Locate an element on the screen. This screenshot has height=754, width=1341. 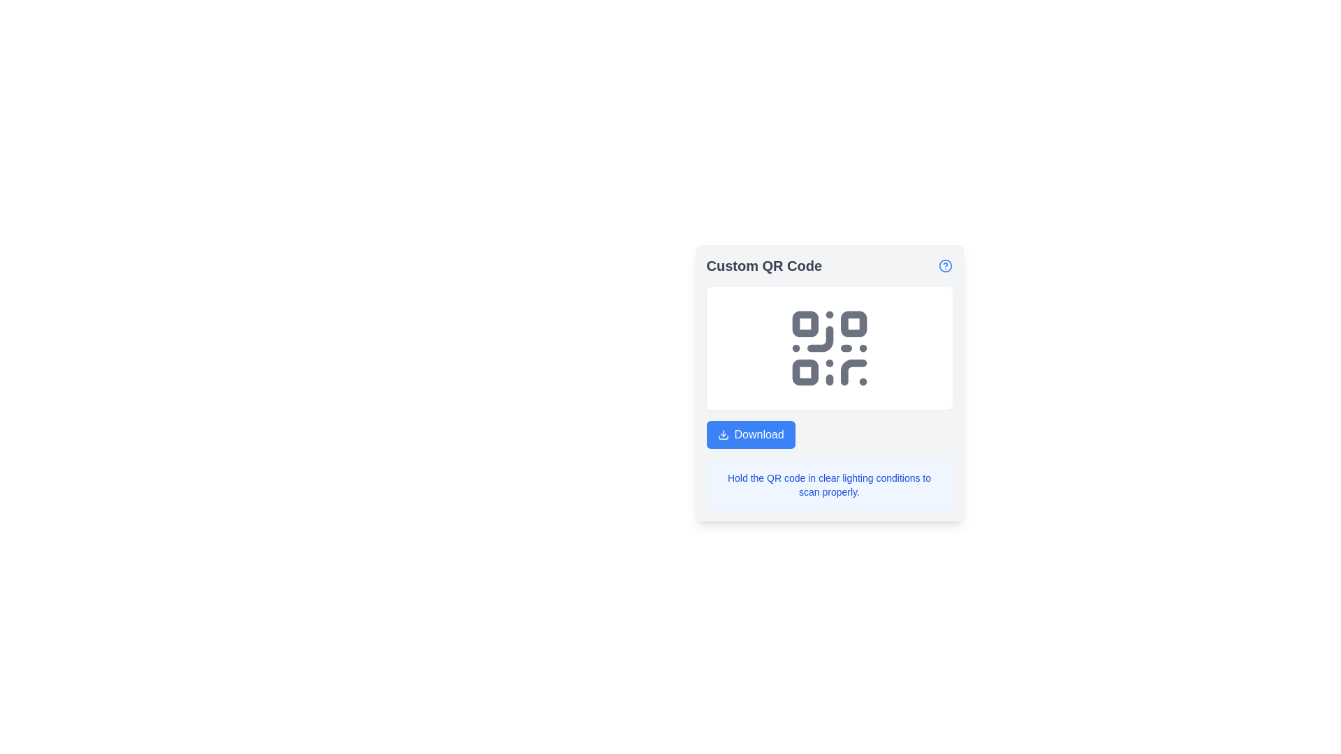
the QR code graphical icon element for scanning by moving the cursor to its center point is located at coordinates (829, 347).